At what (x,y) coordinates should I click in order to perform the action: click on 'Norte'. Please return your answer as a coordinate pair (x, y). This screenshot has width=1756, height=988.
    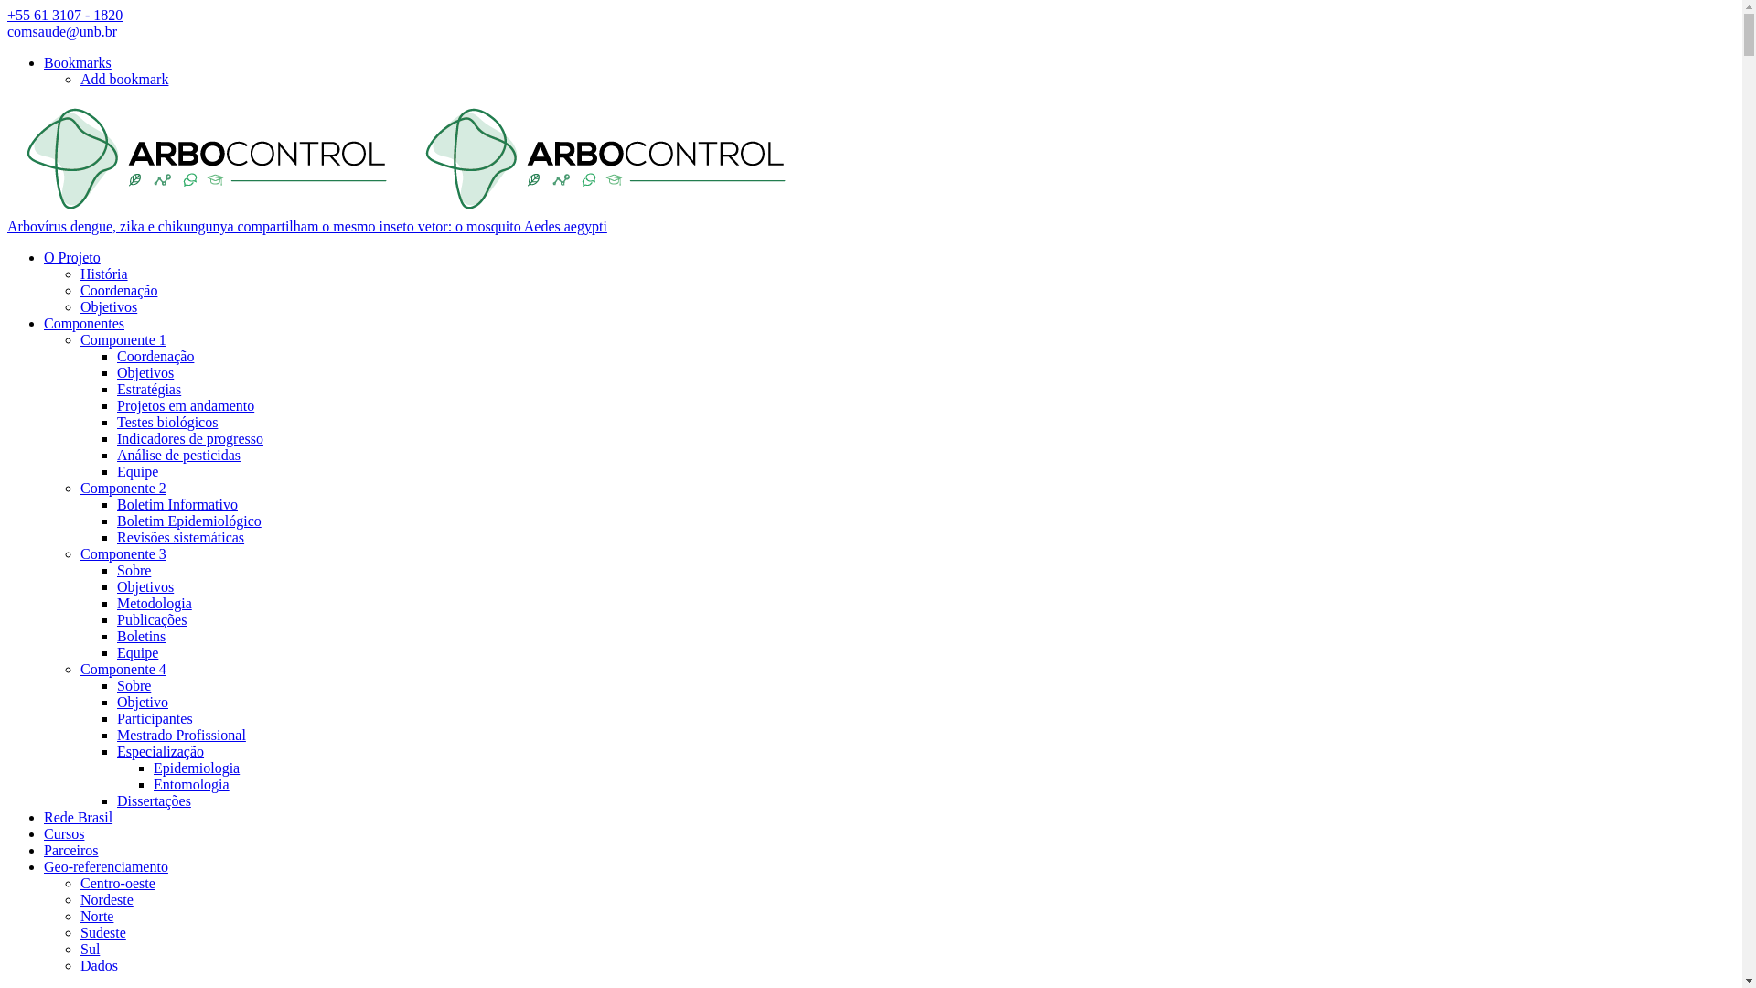
    Looking at the image, I should click on (79, 916).